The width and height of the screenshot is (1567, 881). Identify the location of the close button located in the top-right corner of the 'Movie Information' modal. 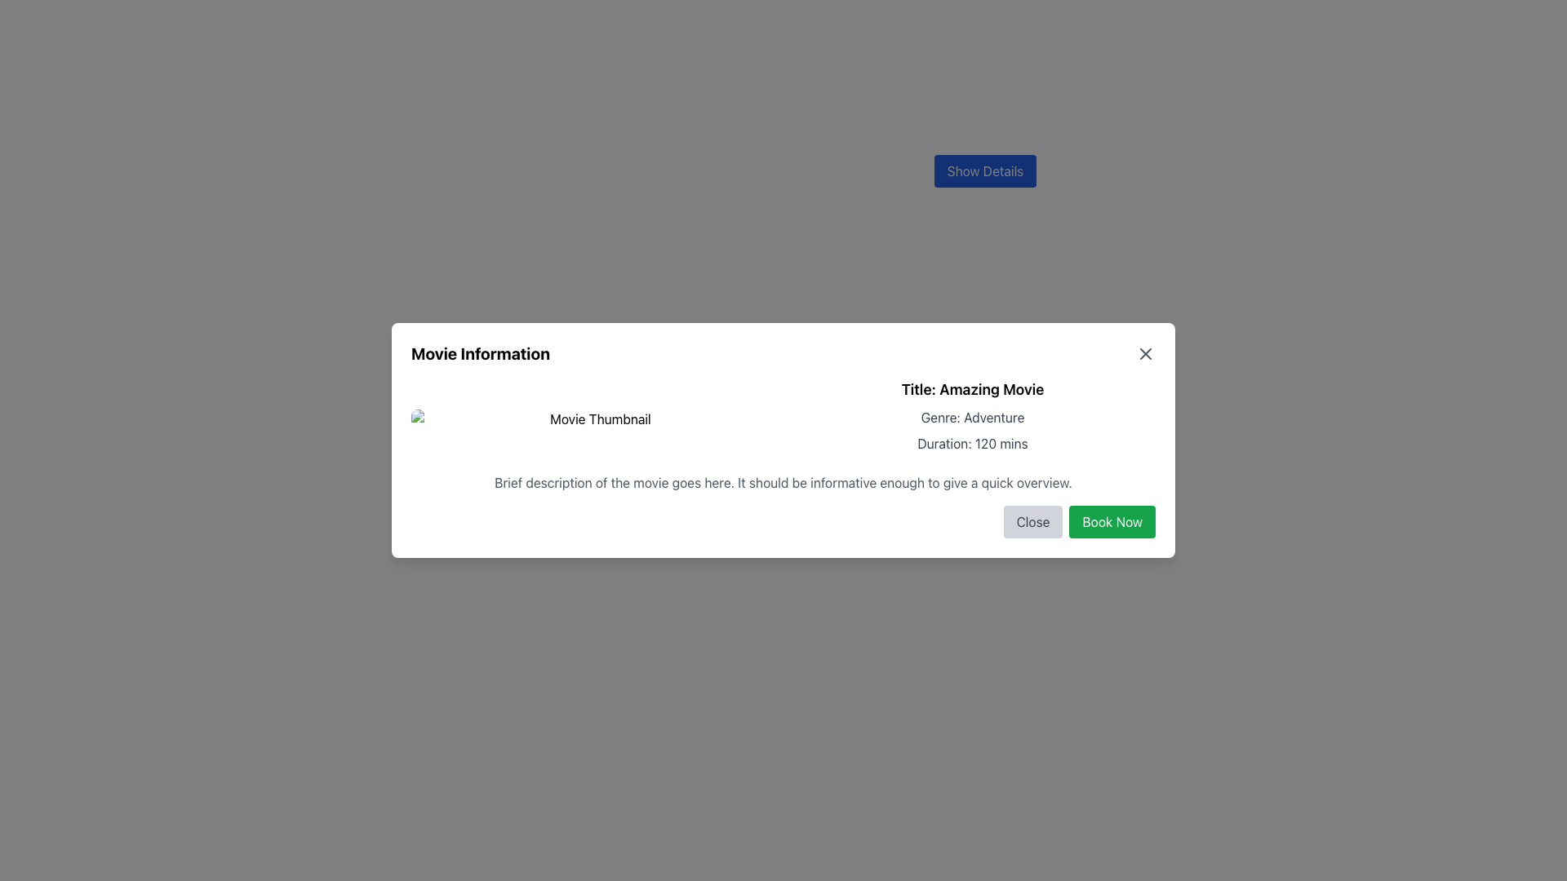
(1144, 353).